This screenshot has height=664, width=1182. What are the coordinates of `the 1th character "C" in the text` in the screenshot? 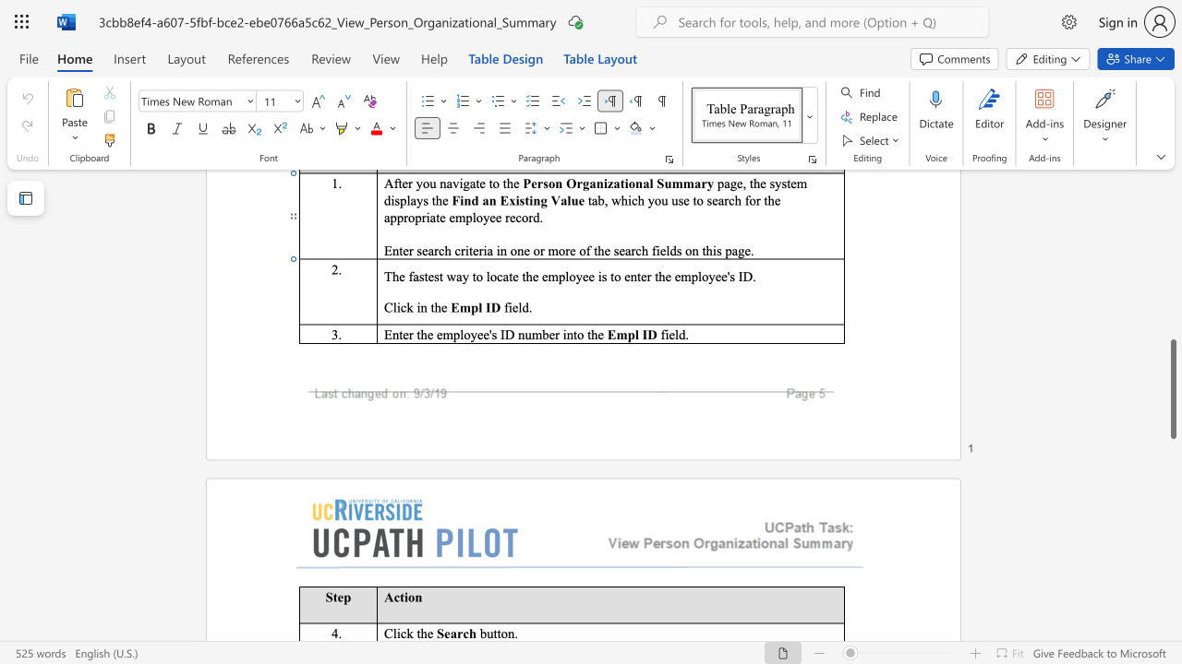 It's located at (387, 632).